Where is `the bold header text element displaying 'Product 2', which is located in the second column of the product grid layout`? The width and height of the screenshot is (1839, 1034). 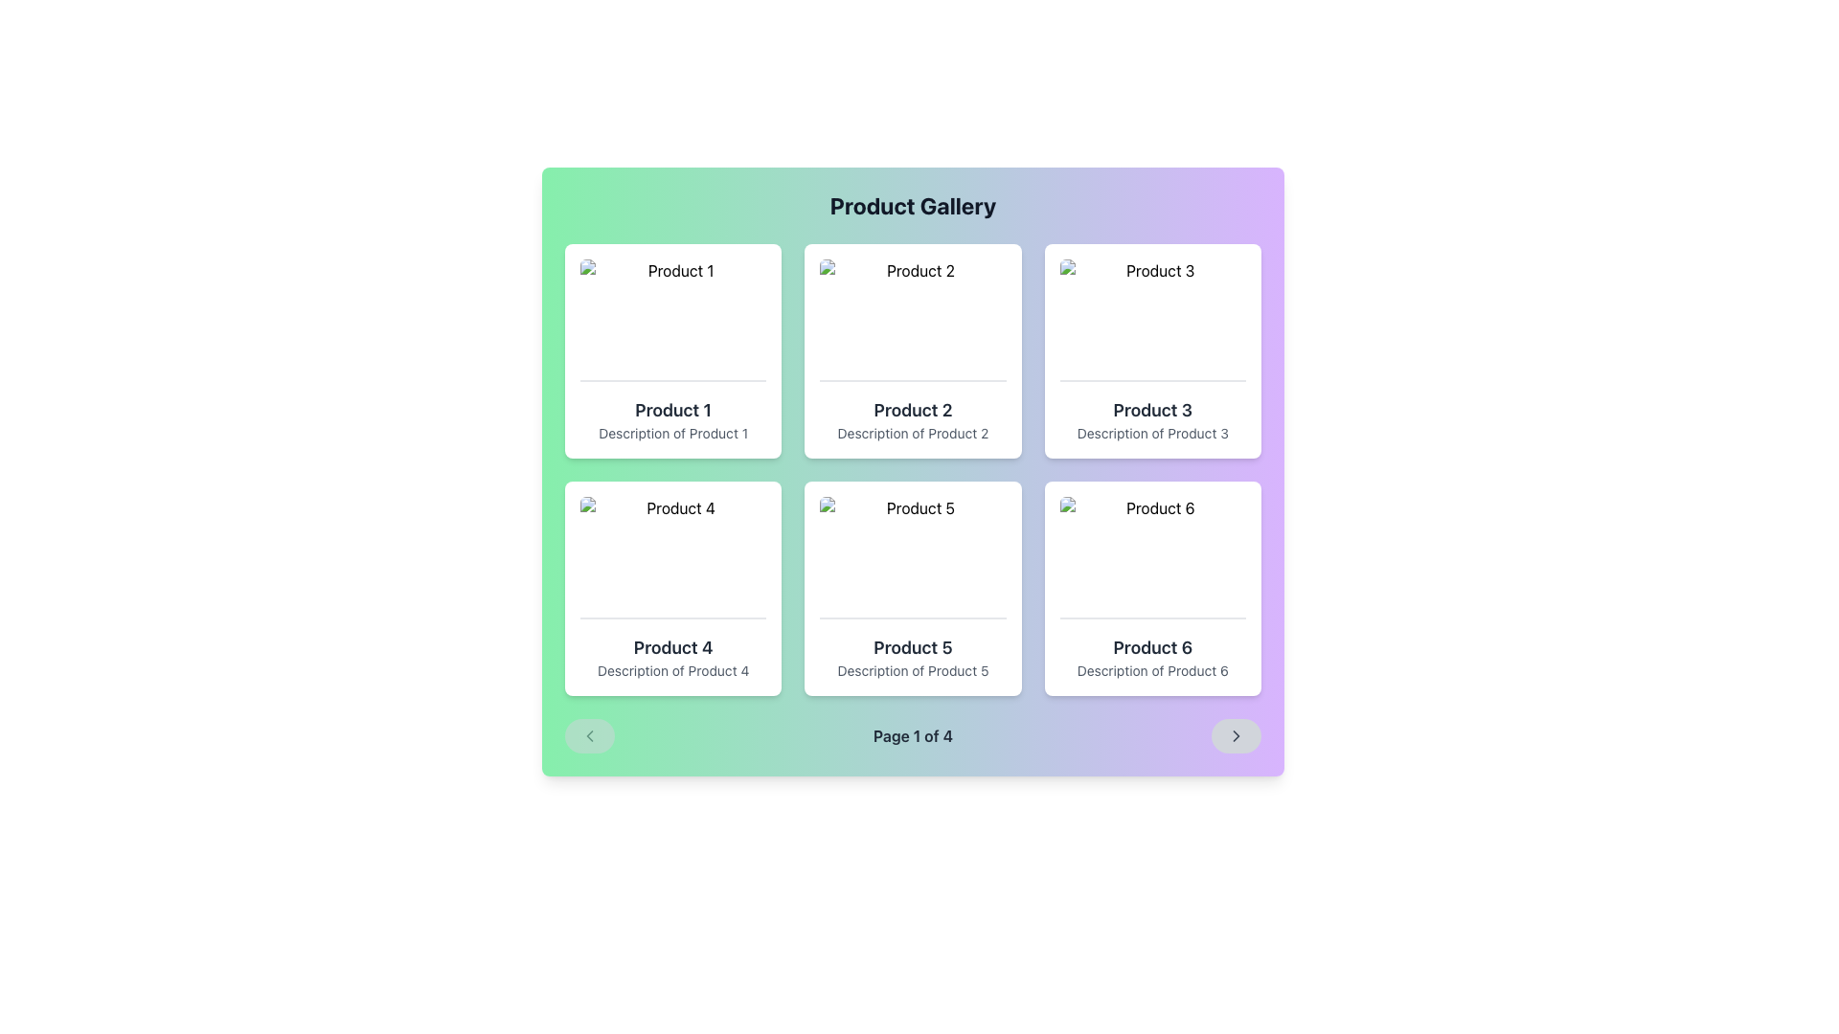 the bold header text element displaying 'Product 2', which is located in the second column of the product grid layout is located at coordinates (912, 409).